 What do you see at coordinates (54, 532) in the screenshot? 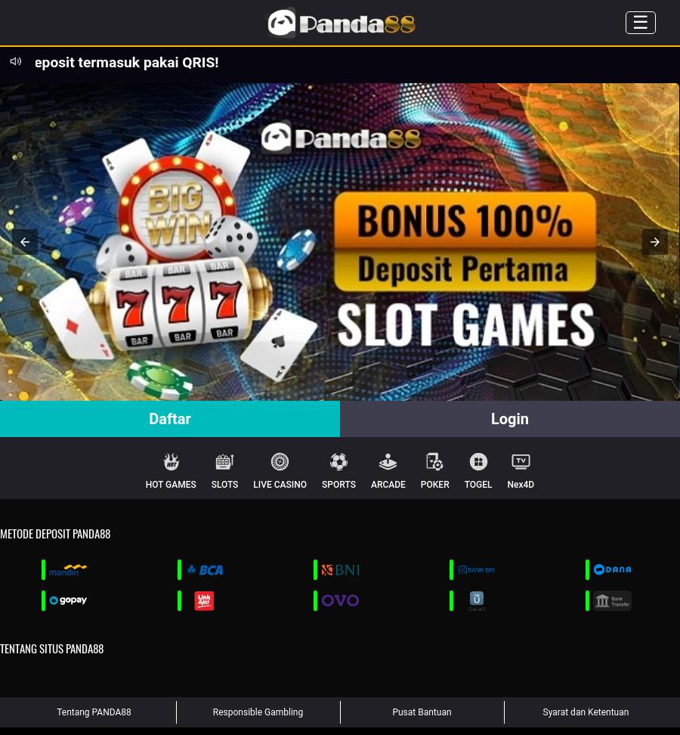
I see `'Metode Deposit PANDA88'` at bounding box center [54, 532].